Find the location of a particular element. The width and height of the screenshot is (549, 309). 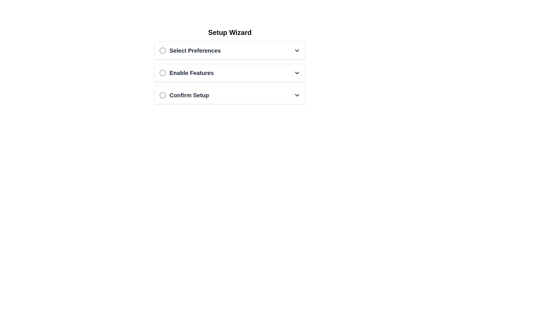

the text label titled 'Enable Features', which is the second option in the 'Setup Wizard' settings list, positioned below 'Select Preferences' and above 'Confirm Setup' is located at coordinates (192, 72).